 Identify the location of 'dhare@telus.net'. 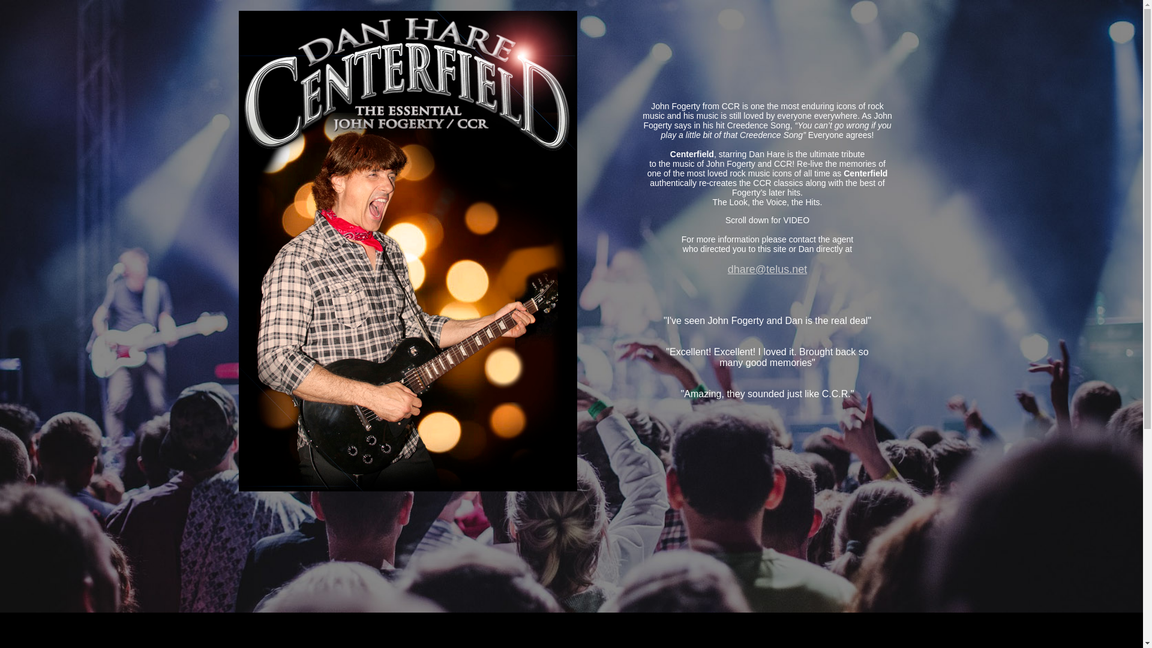
(766, 268).